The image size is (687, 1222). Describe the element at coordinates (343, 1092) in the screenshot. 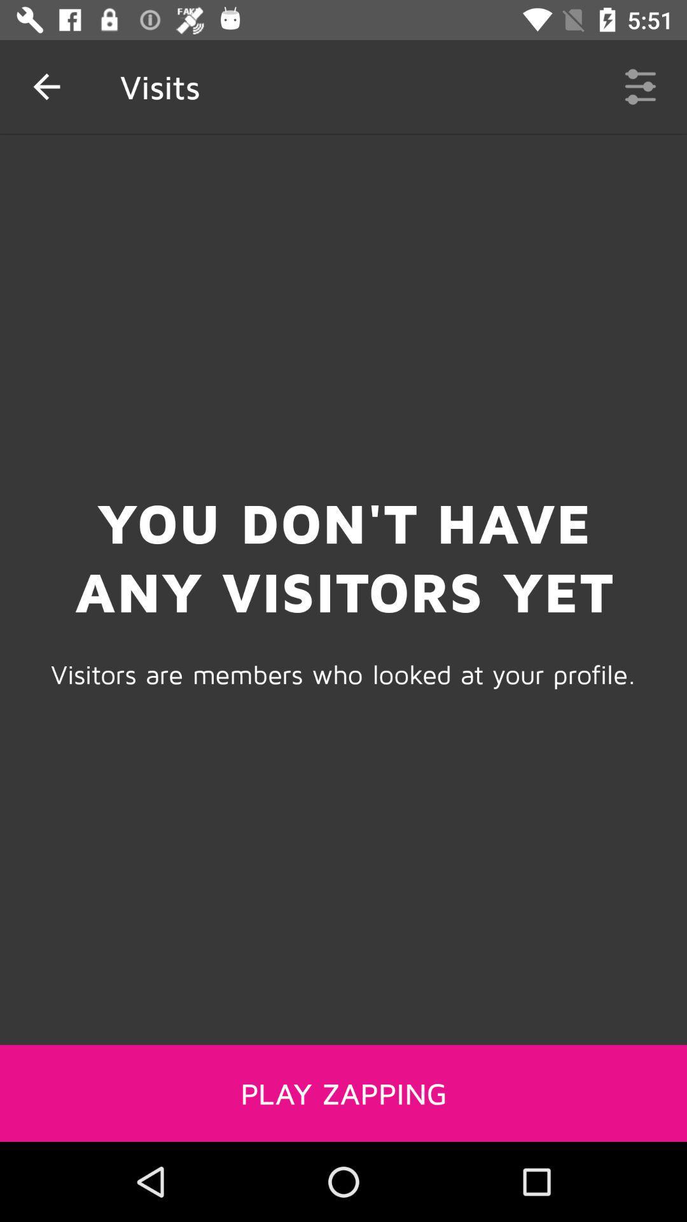

I see `item below visitors are members icon` at that location.